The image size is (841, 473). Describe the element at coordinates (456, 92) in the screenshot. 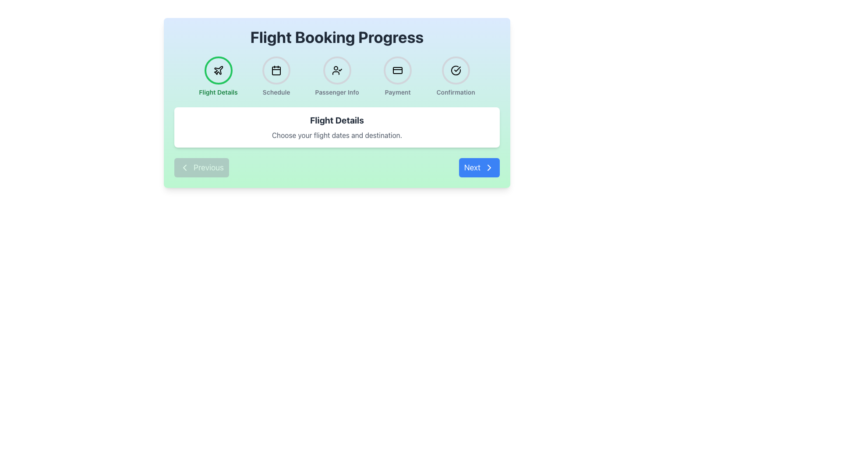

I see `the text label indicating the final confirmation step in the visual process flow, located beneath the circular check mark icon` at that location.